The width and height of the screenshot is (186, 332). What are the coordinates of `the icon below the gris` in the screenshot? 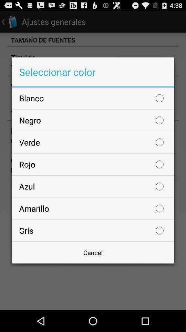 It's located at (93, 252).